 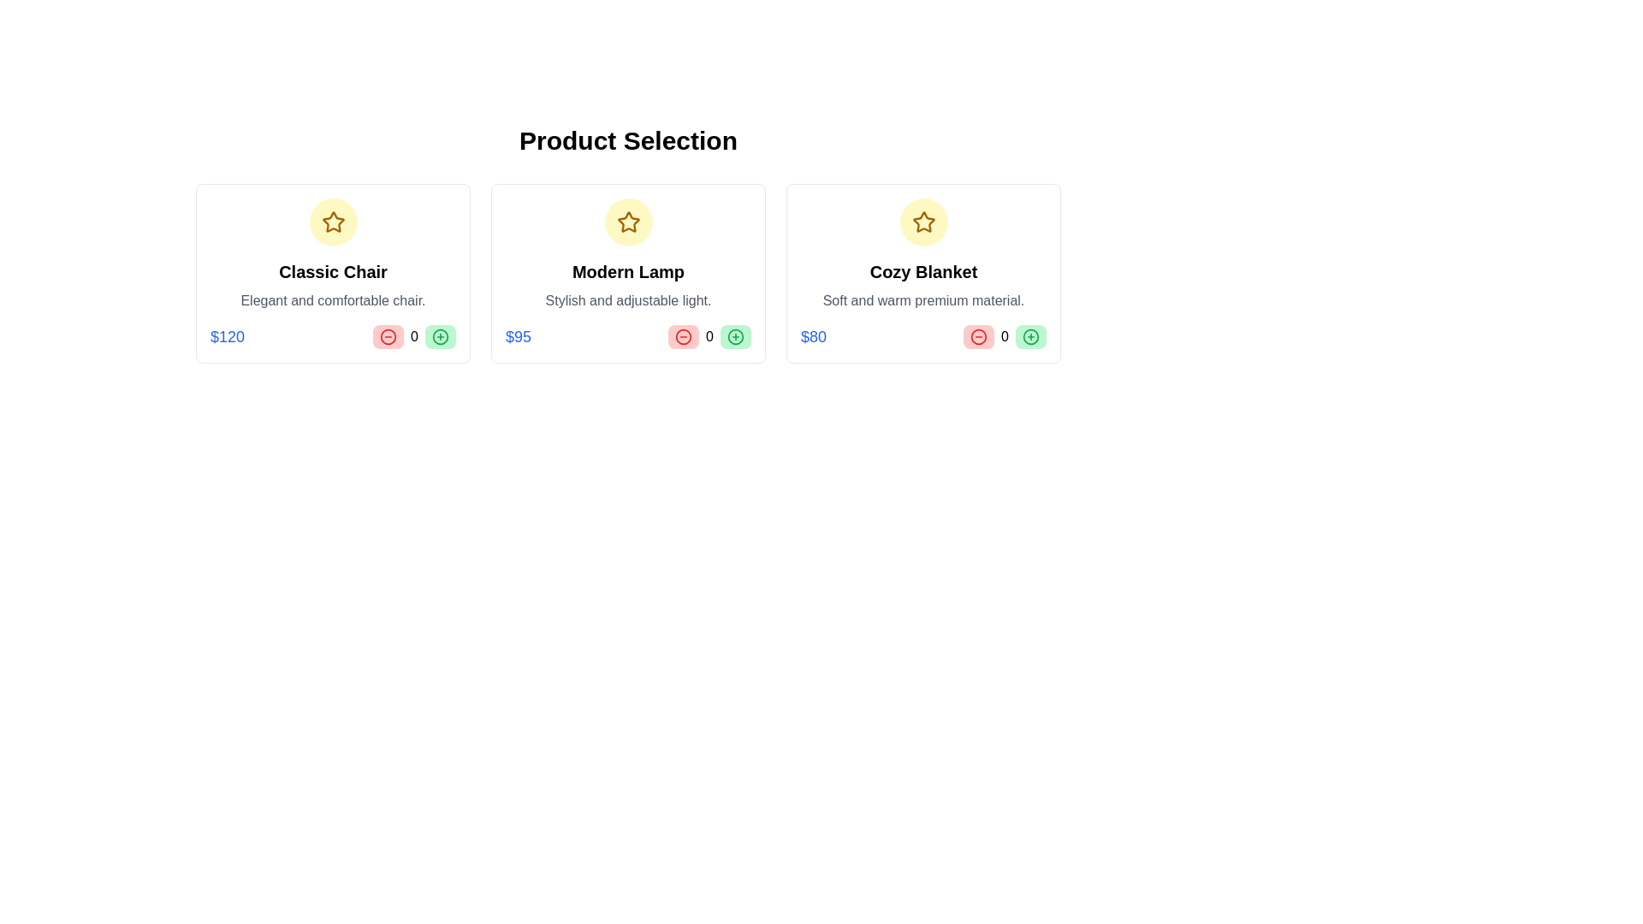 What do you see at coordinates (414, 336) in the screenshot?
I see `the central label displaying the numerical value for the 'Modern Lamp' product, which is positioned between two buttons` at bounding box center [414, 336].